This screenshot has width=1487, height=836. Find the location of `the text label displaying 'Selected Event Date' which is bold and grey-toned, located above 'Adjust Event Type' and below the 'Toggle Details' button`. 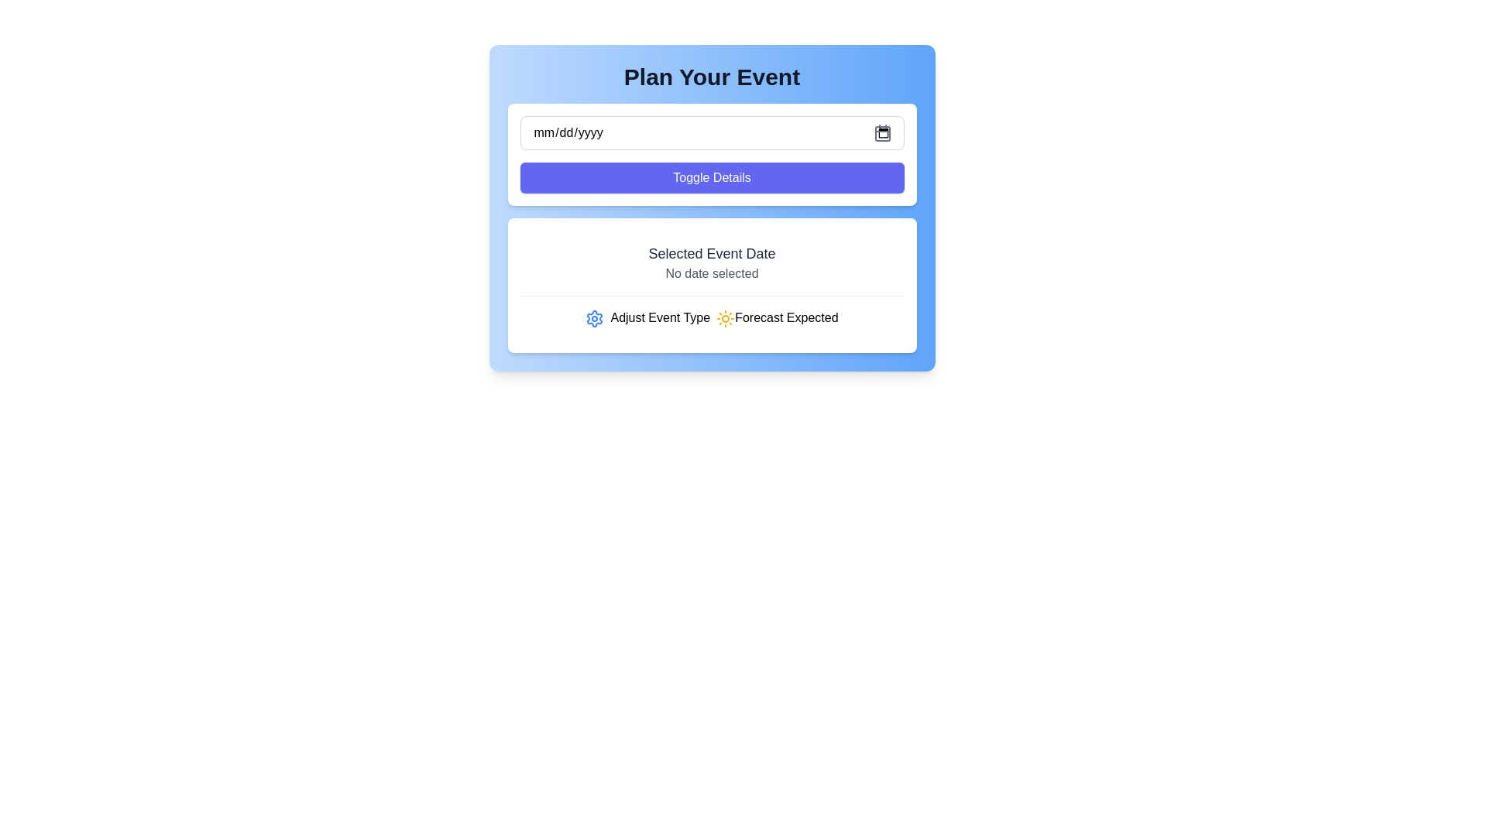

the text label displaying 'Selected Event Date' which is bold and grey-toned, located above 'Adjust Event Type' and below the 'Toggle Details' button is located at coordinates (711, 262).